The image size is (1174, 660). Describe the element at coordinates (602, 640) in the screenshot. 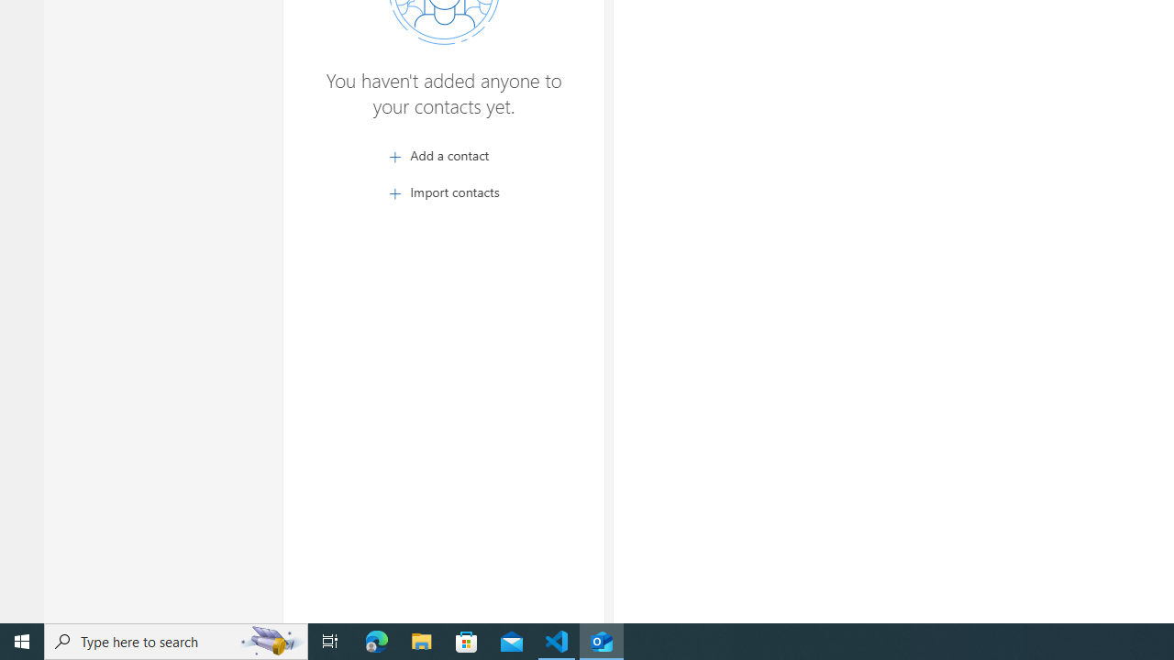

I see `'Outlook (new) - 1 running window'` at that location.